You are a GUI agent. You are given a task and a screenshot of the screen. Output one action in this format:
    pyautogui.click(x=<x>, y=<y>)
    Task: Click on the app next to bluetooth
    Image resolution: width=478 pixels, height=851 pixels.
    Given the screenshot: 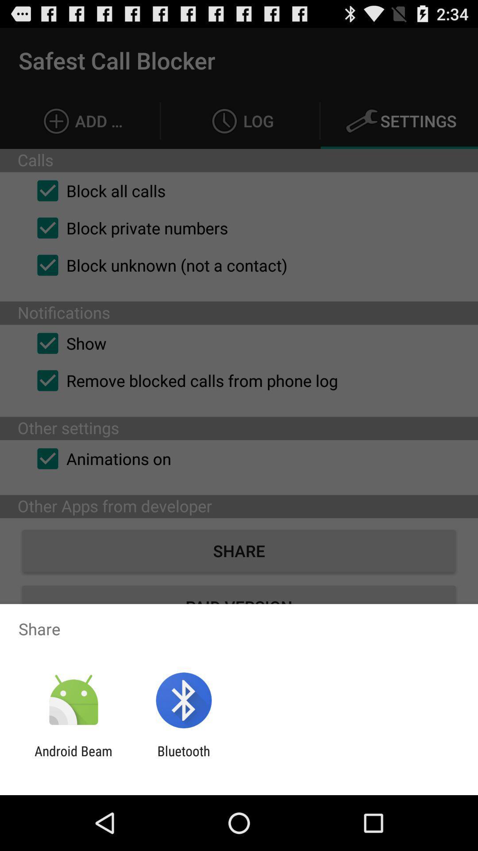 What is the action you would take?
    pyautogui.click(x=73, y=758)
    